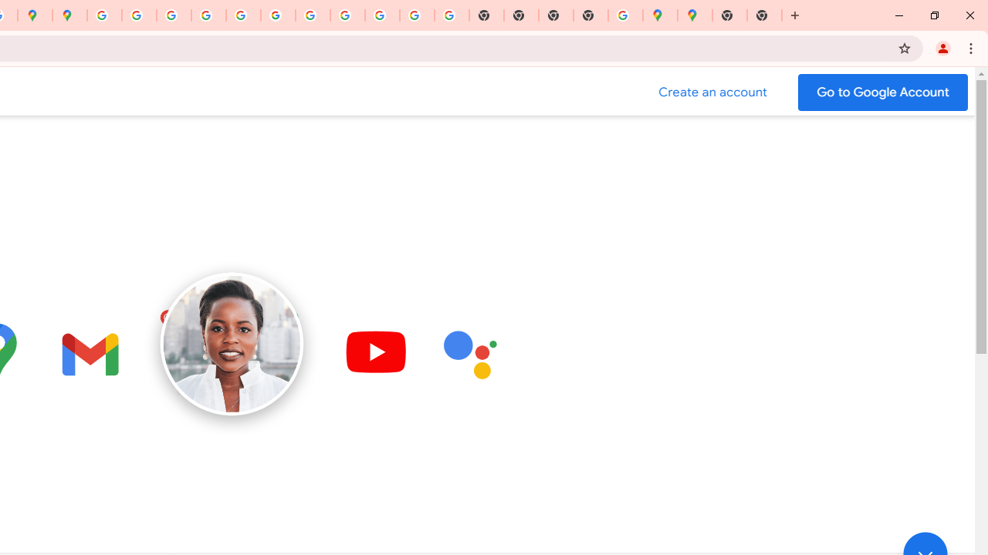 The height and width of the screenshot is (555, 988). I want to click on 'Google Maps', so click(694, 15).